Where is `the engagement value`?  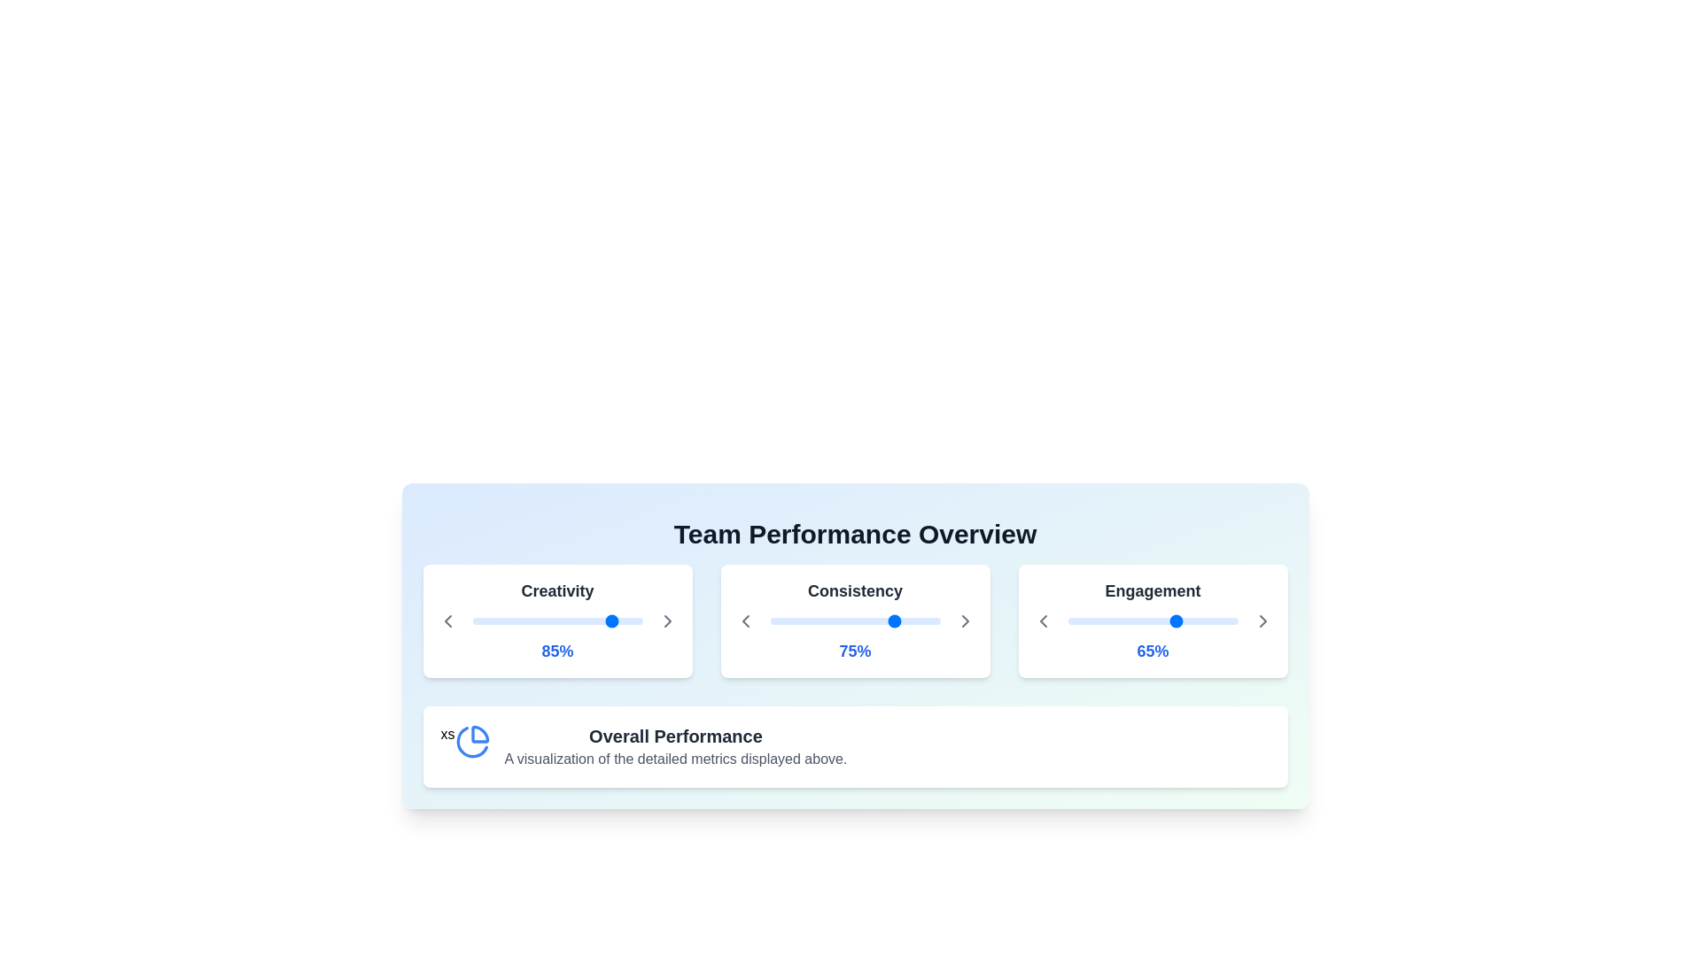 the engagement value is located at coordinates (1216, 621).